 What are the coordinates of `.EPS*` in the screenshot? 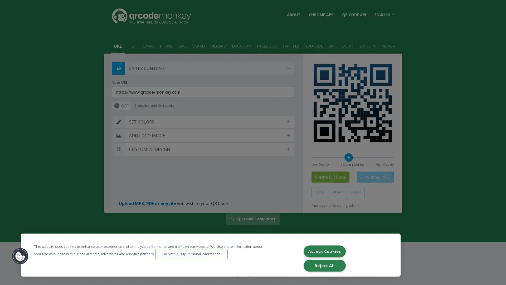 It's located at (355, 192).